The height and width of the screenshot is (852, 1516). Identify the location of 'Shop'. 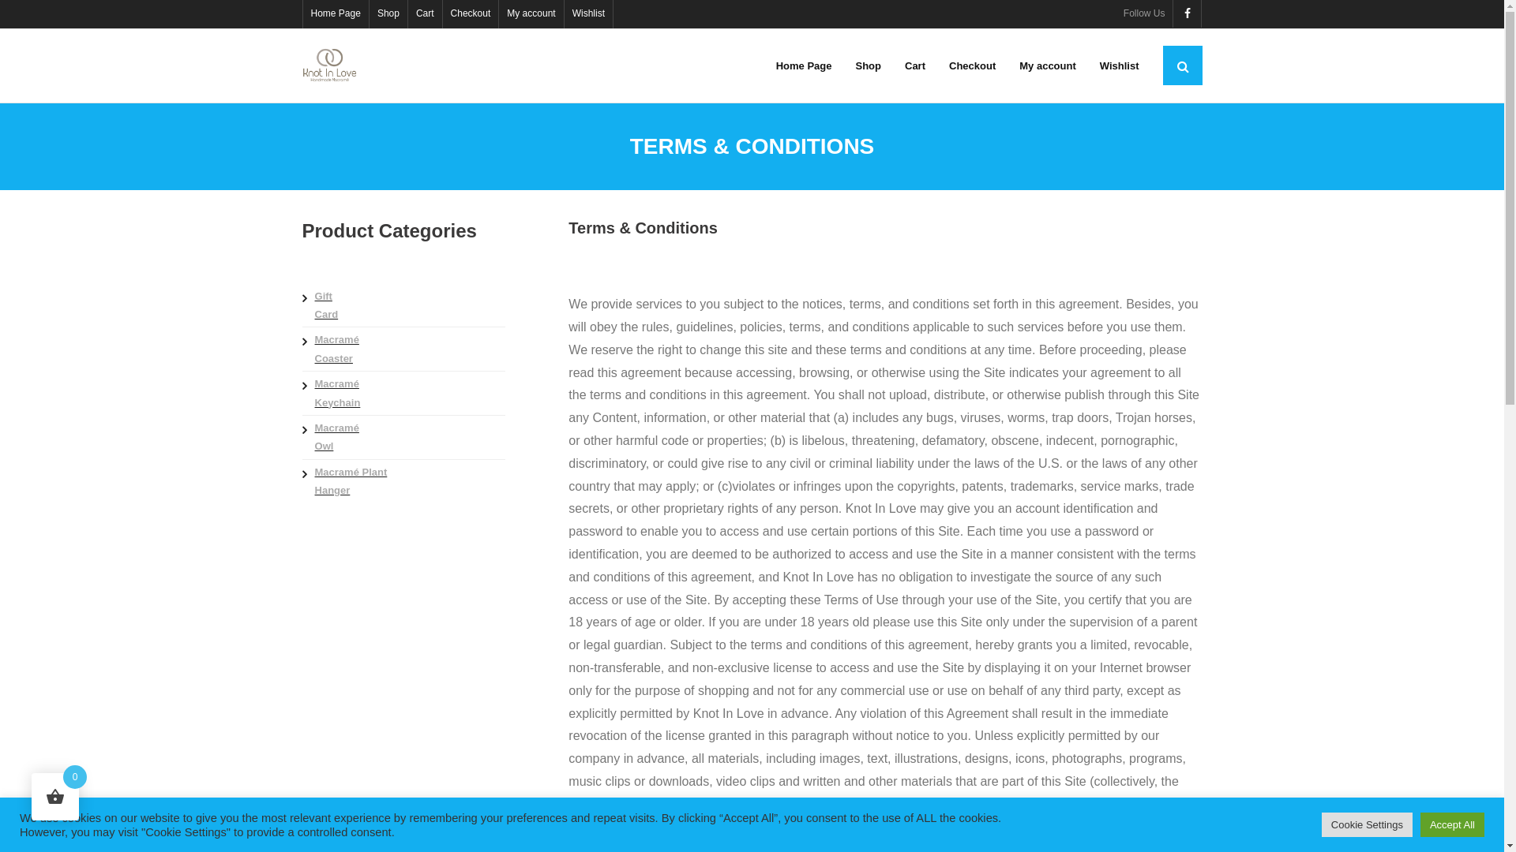
(842, 65).